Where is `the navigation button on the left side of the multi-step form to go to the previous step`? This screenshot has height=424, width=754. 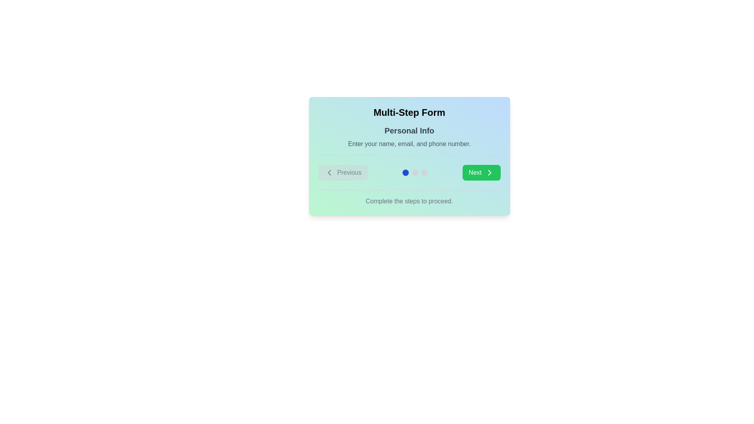
the navigation button on the left side of the multi-step form to go to the previous step is located at coordinates (343, 172).